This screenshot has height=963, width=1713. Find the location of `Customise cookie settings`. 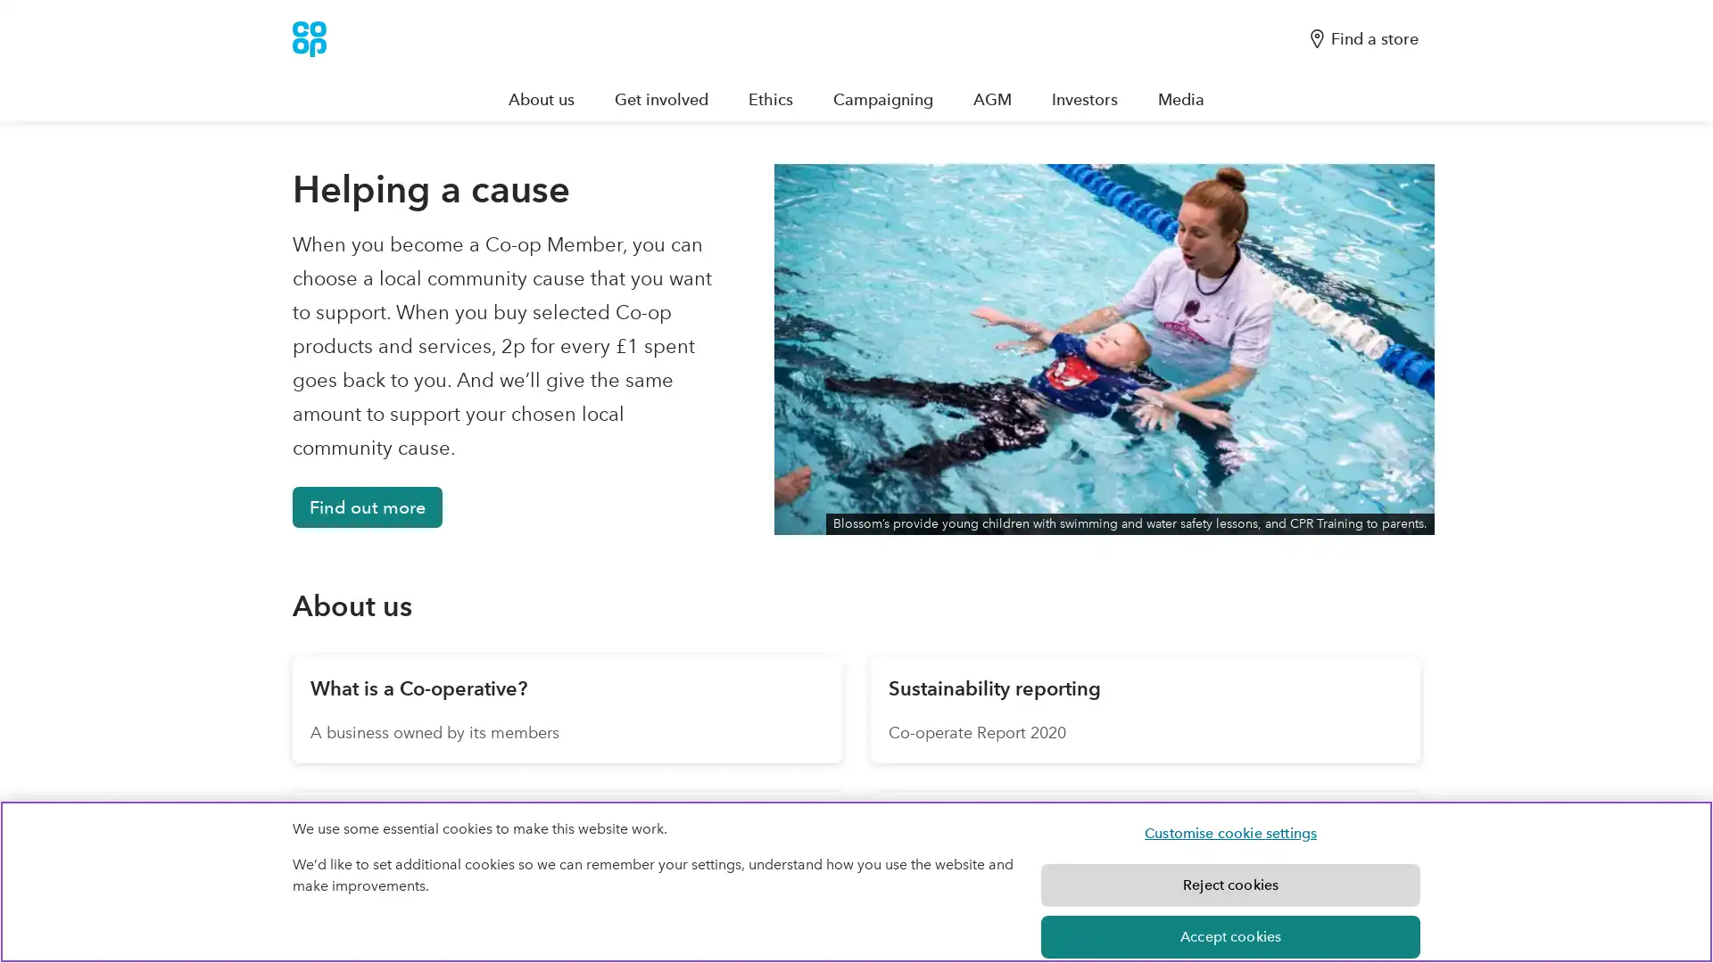

Customise cookie settings is located at coordinates (1229, 833).